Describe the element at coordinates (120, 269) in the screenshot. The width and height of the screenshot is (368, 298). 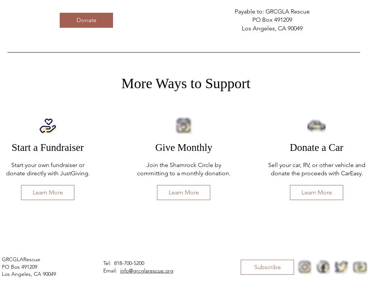
I see `'info@grcglarescue.org'` at that location.